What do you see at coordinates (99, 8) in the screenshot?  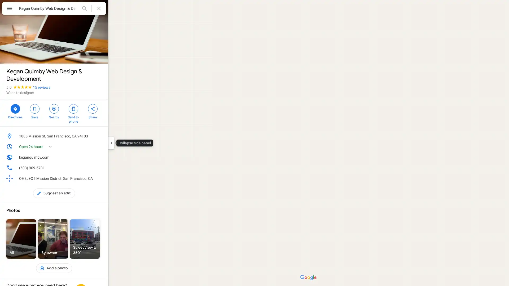 I see `Clear search` at bounding box center [99, 8].